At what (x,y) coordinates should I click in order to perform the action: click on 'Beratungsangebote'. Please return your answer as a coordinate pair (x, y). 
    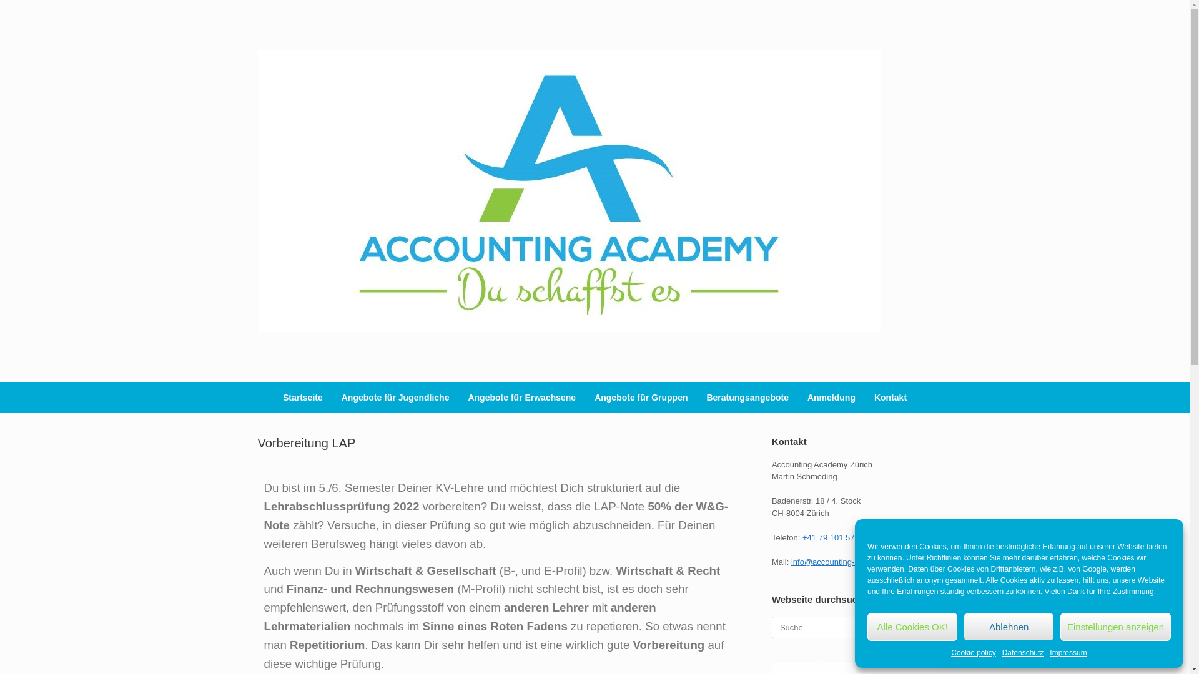
    Looking at the image, I should click on (747, 397).